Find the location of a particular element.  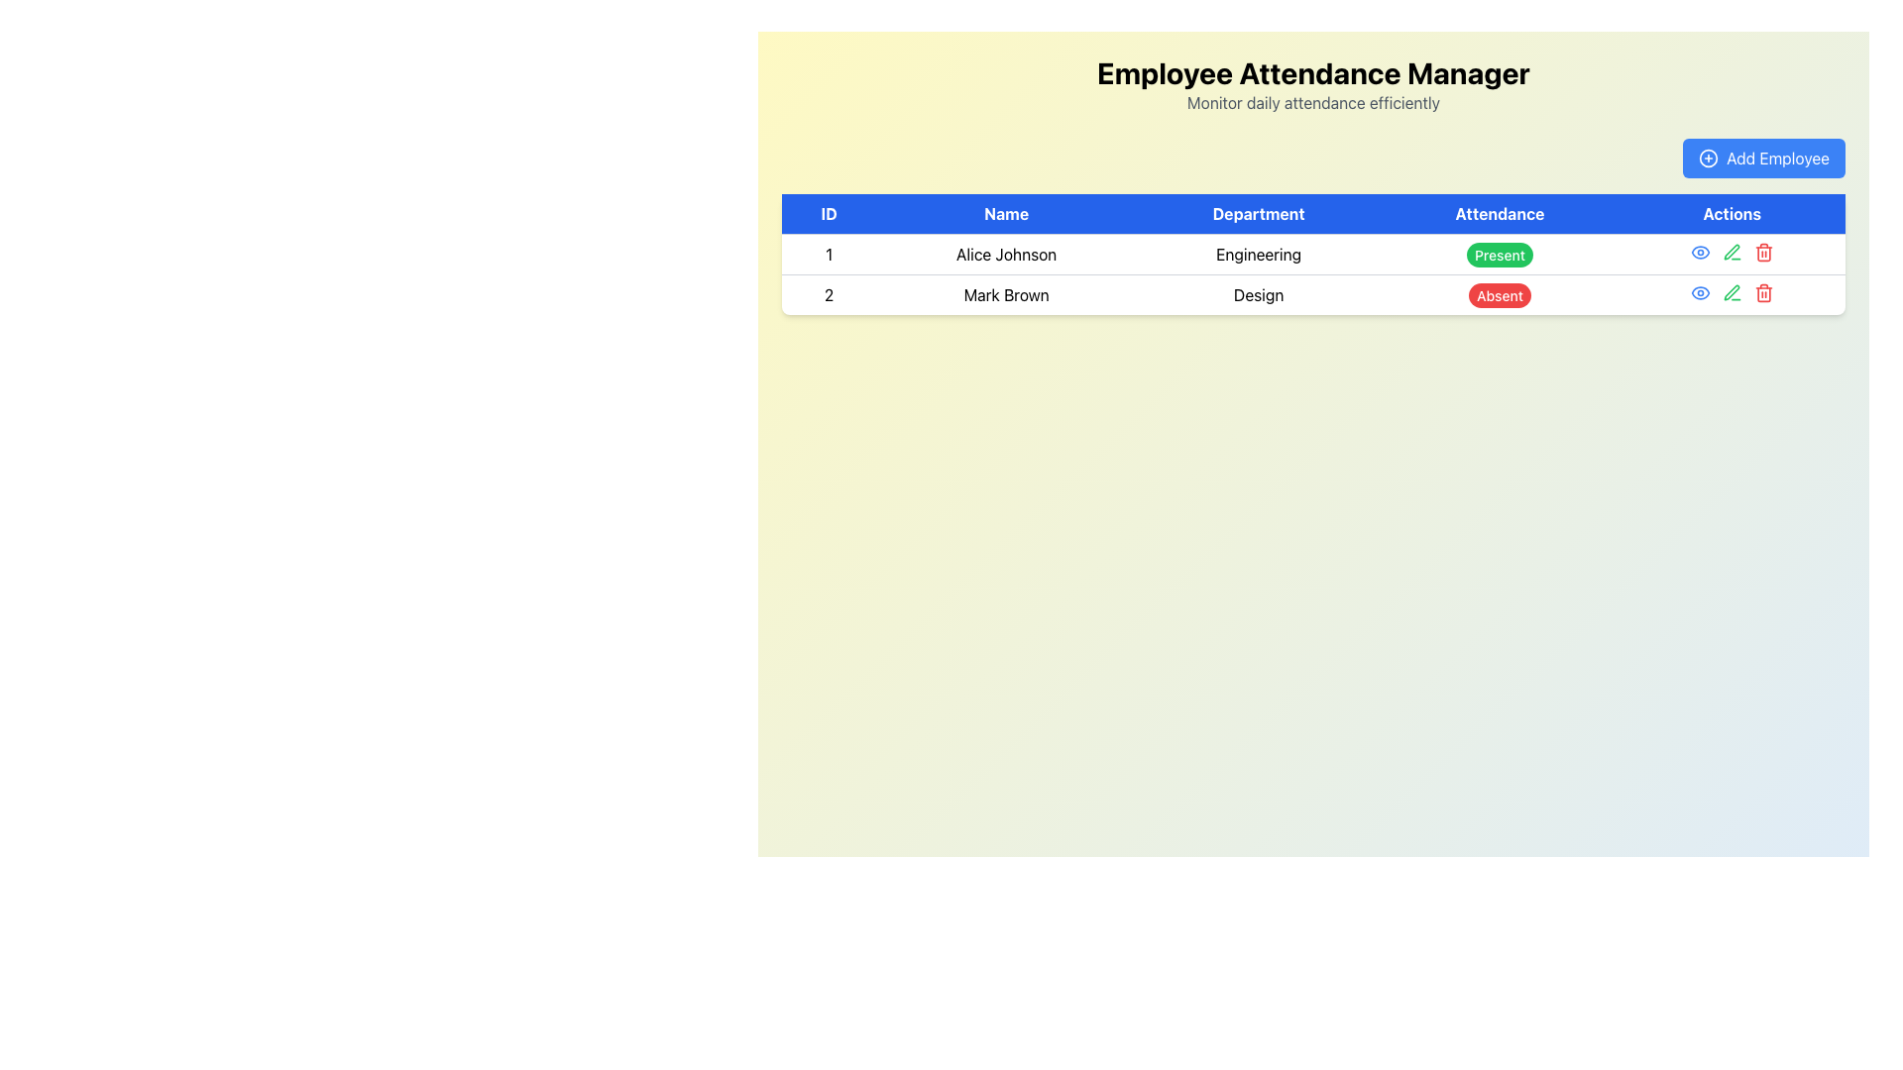

the 'Add Employee' button, which is a rectangular button with rounded corners, blue background, and white text, located at the top-right corner of the interface is located at coordinates (1764, 157).